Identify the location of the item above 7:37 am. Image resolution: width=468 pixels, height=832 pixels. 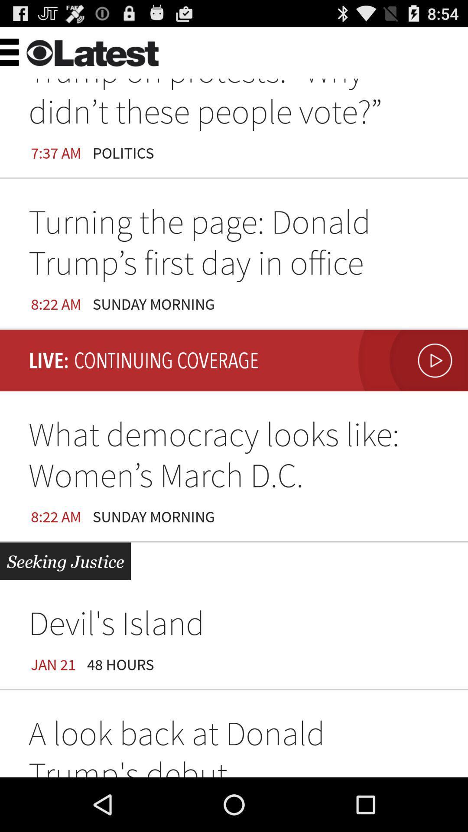
(28, 51).